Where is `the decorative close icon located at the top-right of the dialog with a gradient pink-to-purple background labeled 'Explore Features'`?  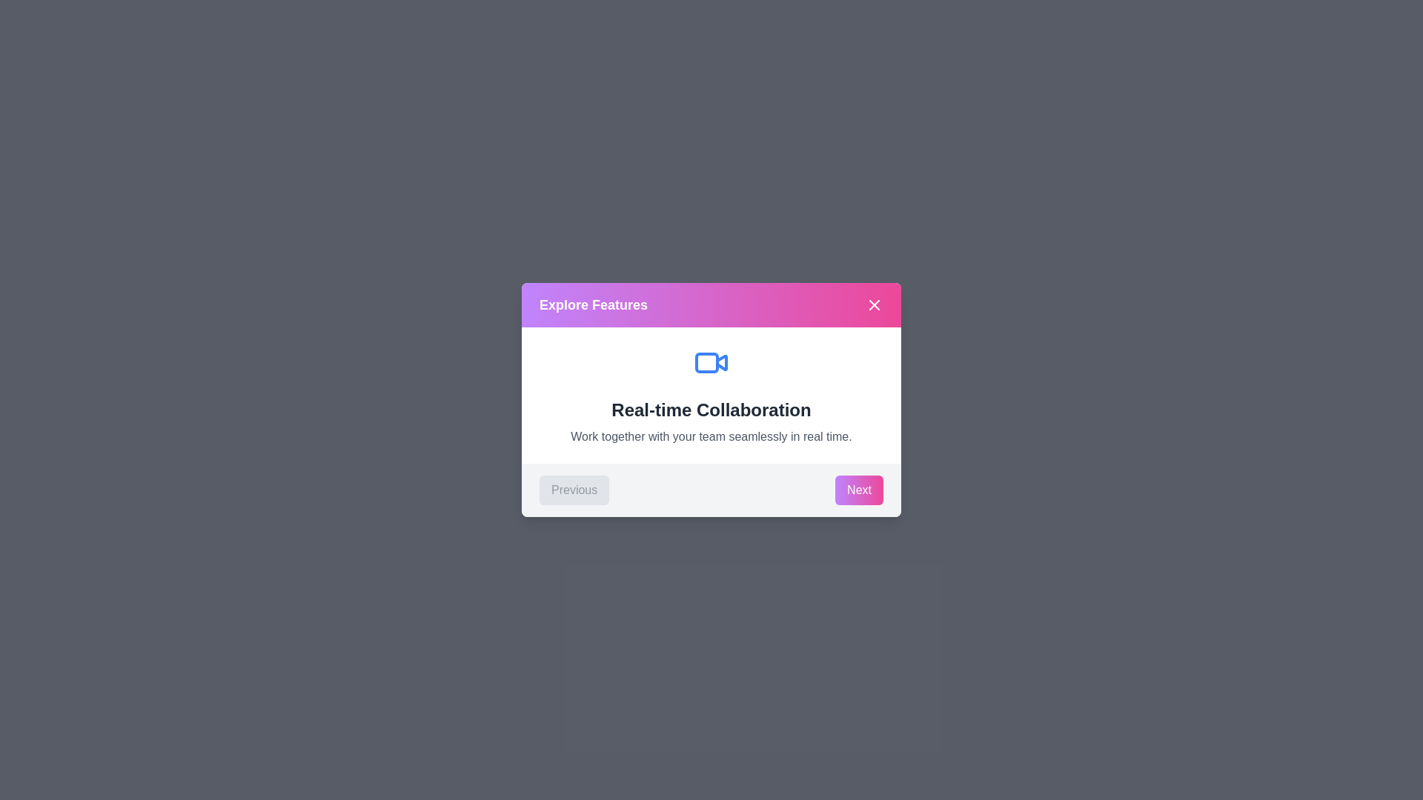 the decorative close icon located at the top-right of the dialog with a gradient pink-to-purple background labeled 'Explore Features' is located at coordinates (875, 304).